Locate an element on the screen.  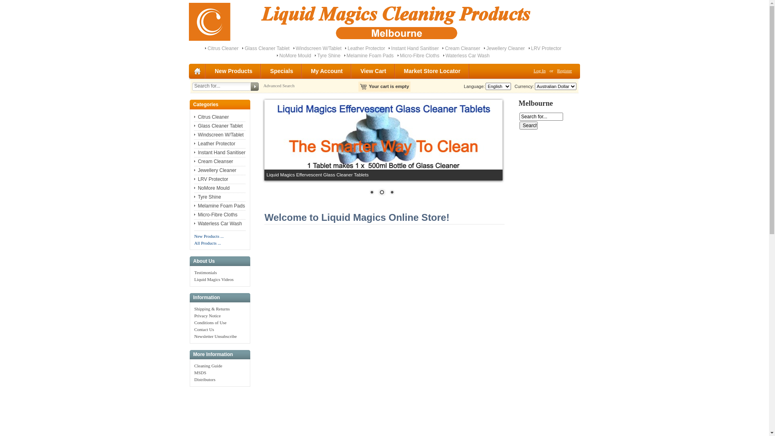
'Leather Protector' is located at coordinates (345, 48).